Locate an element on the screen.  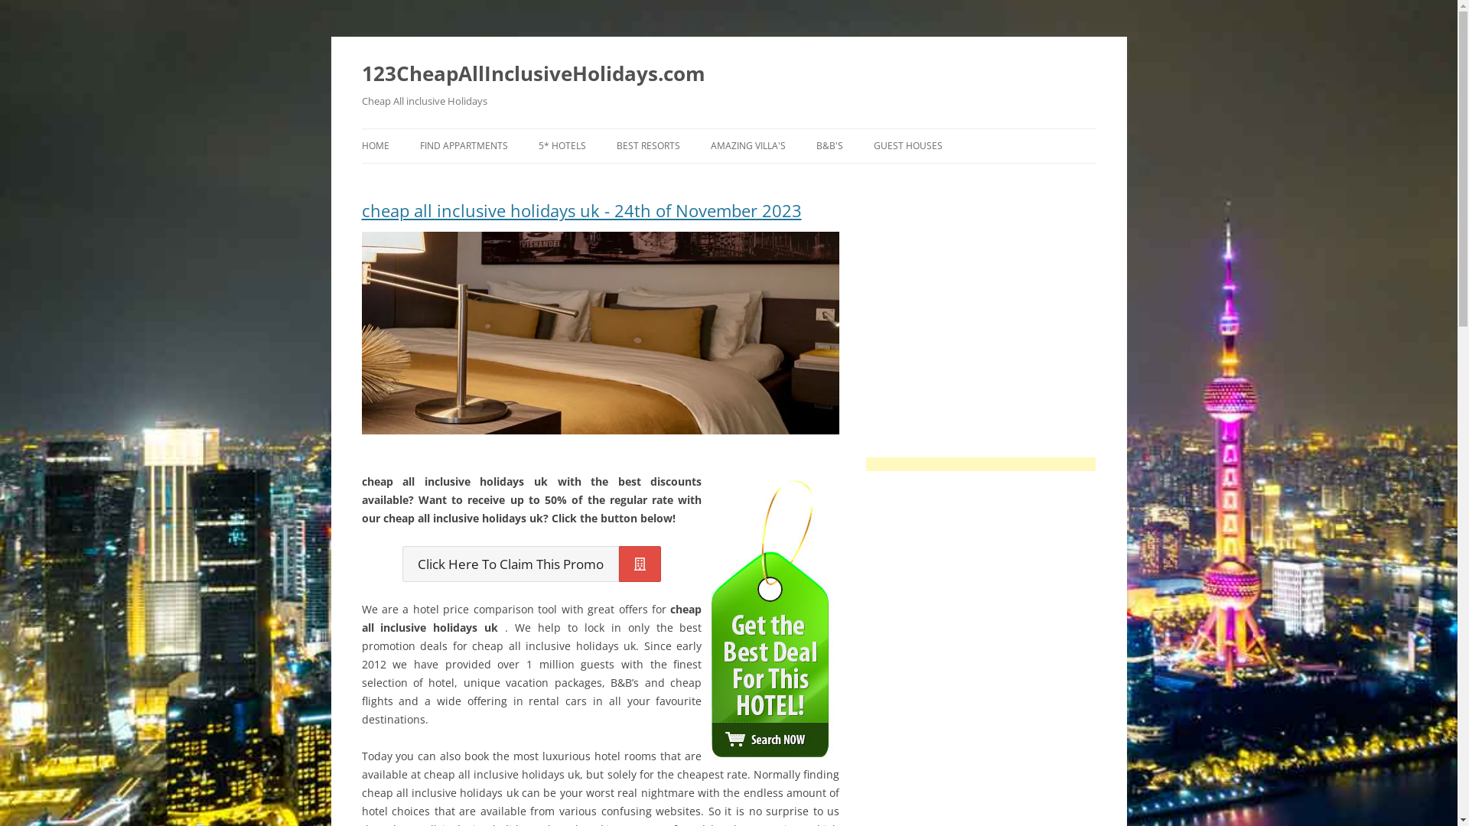
'FIND APPARTMENTS' is located at coordinates (462, 146).